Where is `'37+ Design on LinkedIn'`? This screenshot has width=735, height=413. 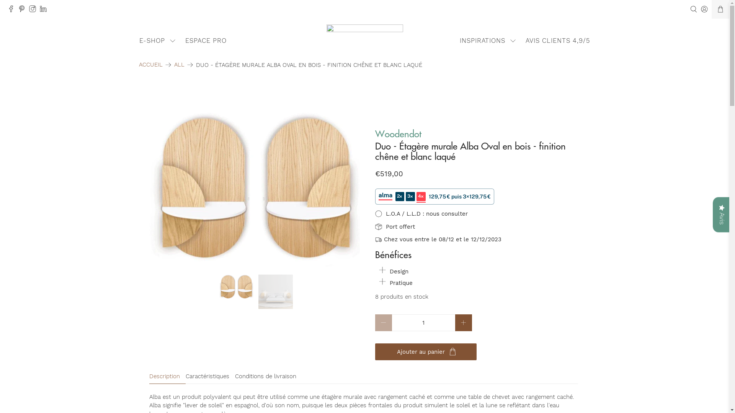 '37+ Design on LinkedIn' is located at coordinates (39, 10).